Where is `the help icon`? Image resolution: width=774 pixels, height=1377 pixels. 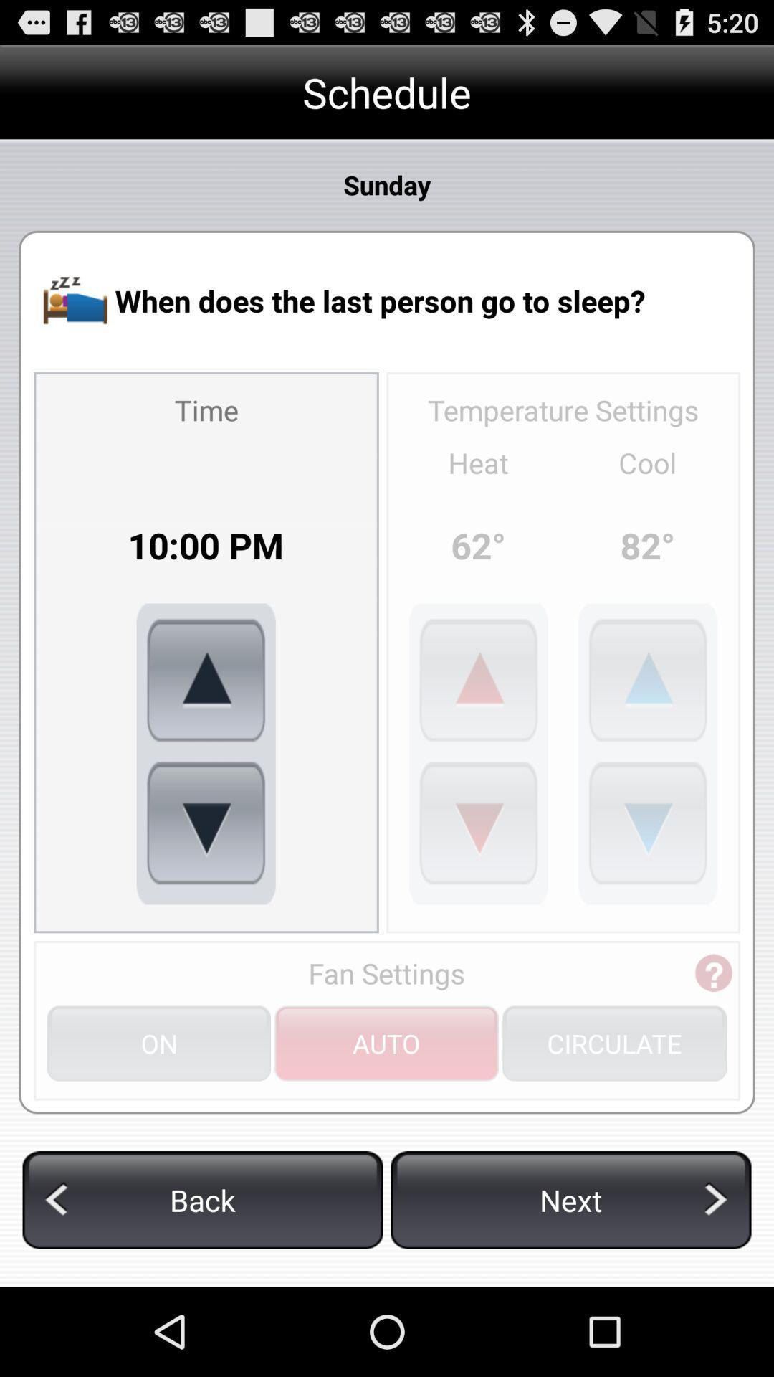 the help icon is located at coordinates (713, 1041).